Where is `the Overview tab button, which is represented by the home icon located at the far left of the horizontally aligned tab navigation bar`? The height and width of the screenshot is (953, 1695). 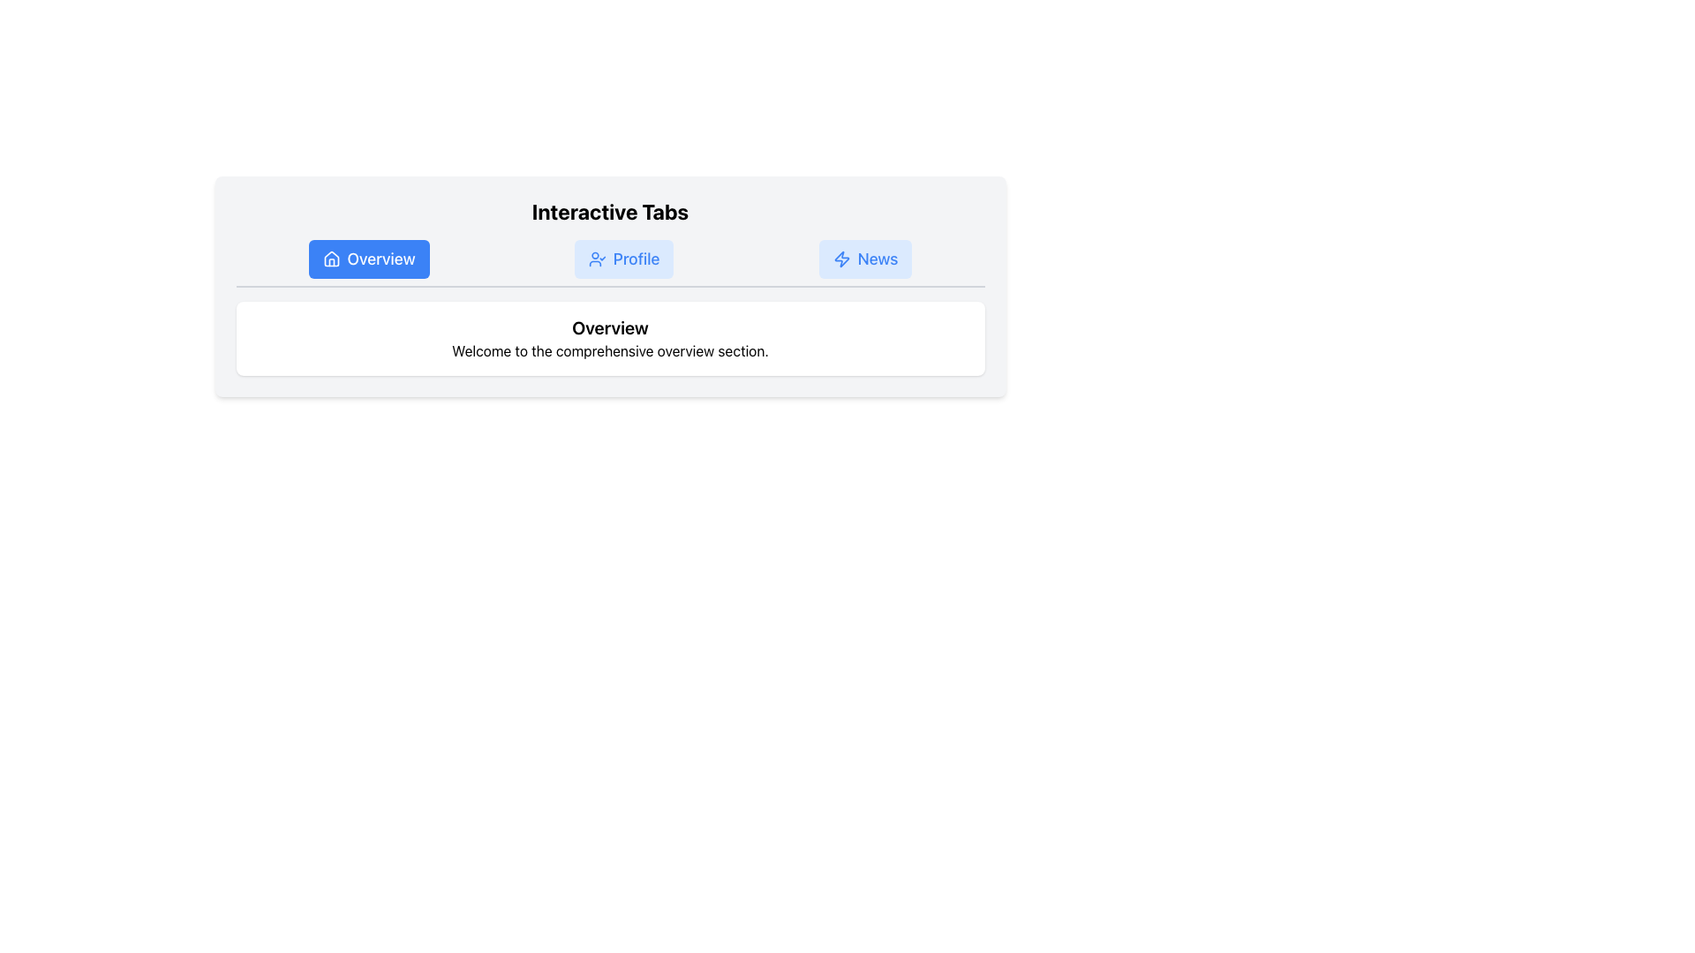 the Overview tab button, which is represented by the home icon located at the far left of the horizontally aligned tab navigation bar is located at coordinates (331, 259).